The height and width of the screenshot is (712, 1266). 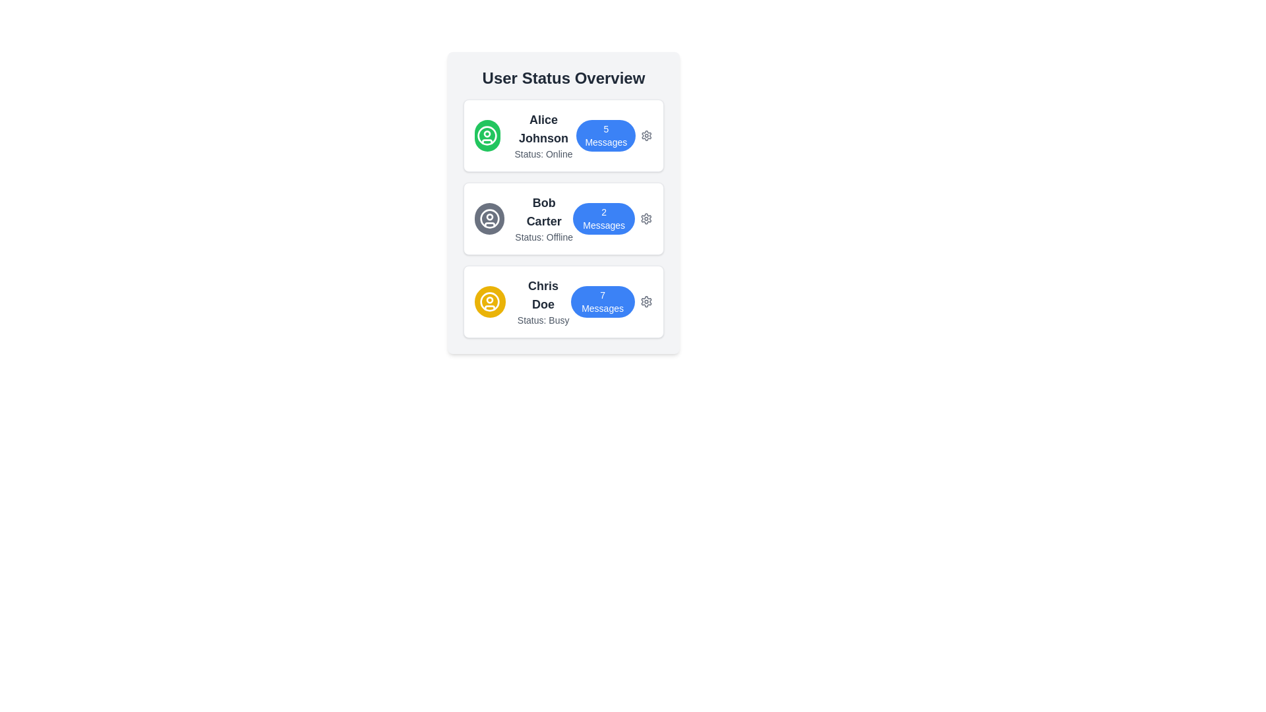 What do you see at coordinates (612, 218) in the screenshot?
I see `the blue pill-shaped badge labeled '2 Messages' located below 'Bob Carter' in the user card` at bounding box center [612, 218].